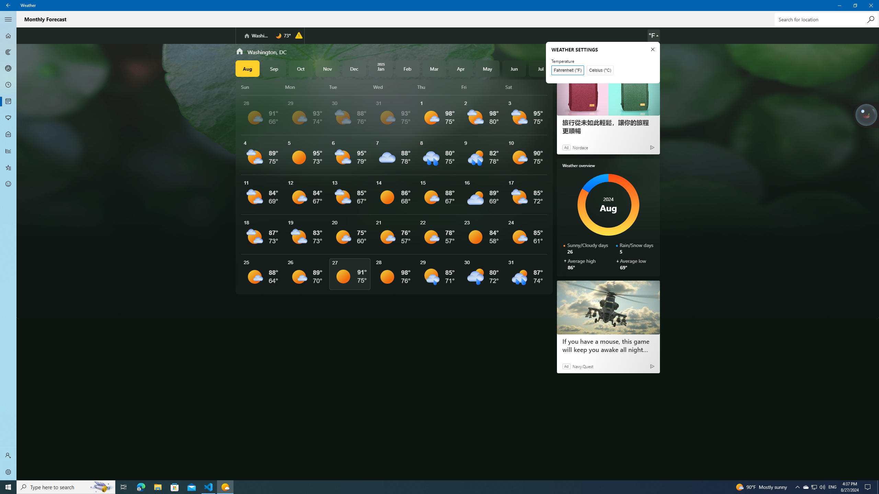 The height and width of the screenshot is (494, 879). Describe the element at coordinates (8, 35) in the screenshot. I see `'Forecast - Not Selected'` at that location.